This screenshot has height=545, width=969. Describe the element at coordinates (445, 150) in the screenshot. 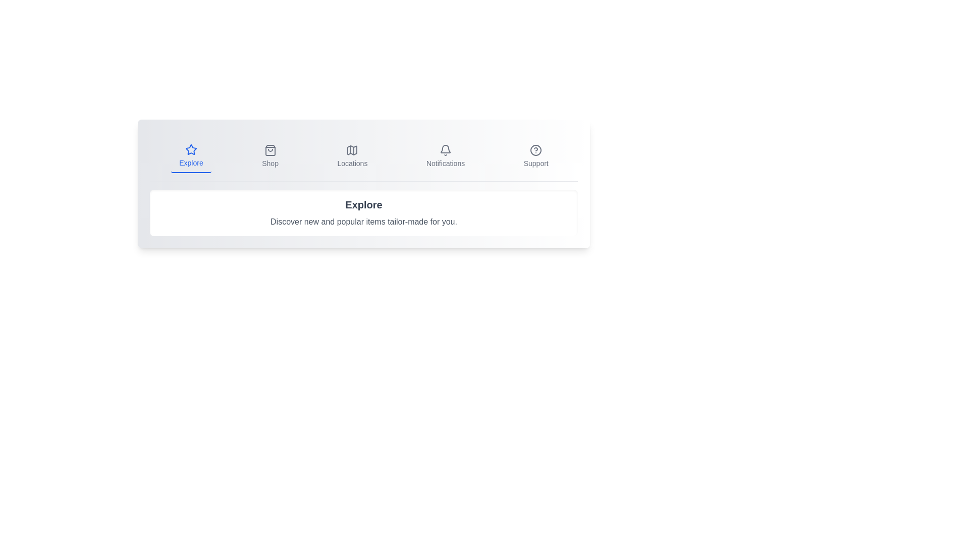

I see `the 'Notifications' icon` at that location.